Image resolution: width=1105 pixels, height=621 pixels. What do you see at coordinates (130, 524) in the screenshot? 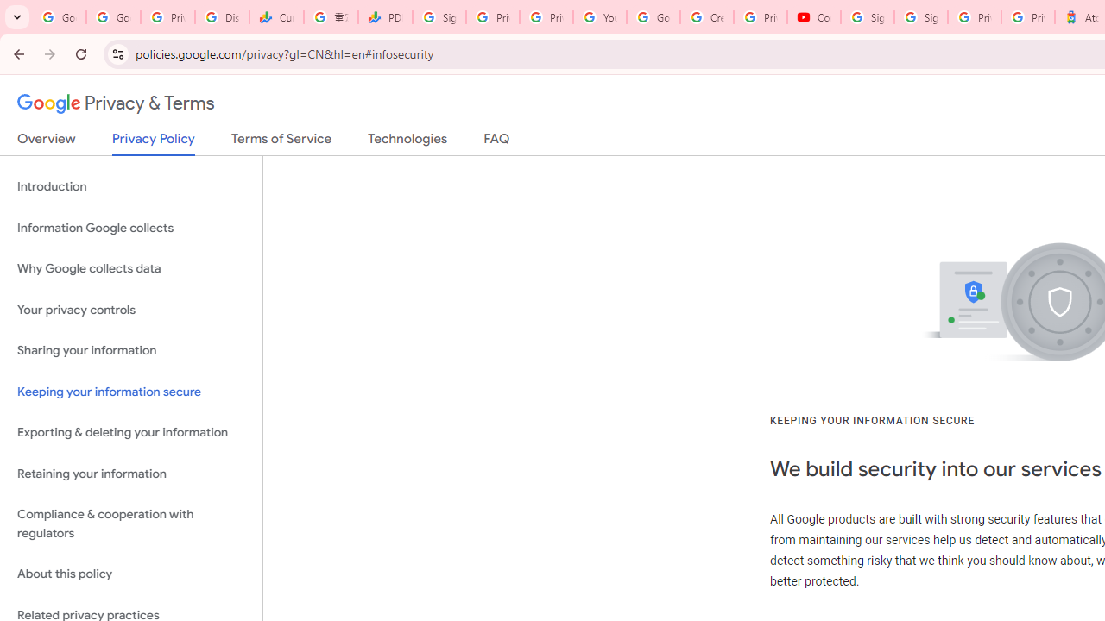
I see `'Compliance & cooperation with regulators'` at bounding box center [130, 524].